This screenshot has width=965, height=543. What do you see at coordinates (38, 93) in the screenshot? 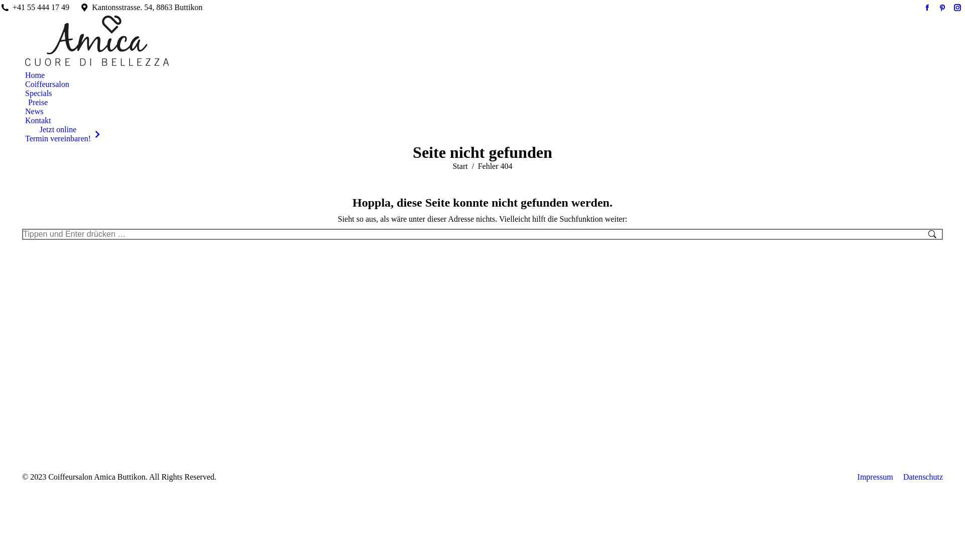
I see `'Specials'` at bounding box center [38, 93].